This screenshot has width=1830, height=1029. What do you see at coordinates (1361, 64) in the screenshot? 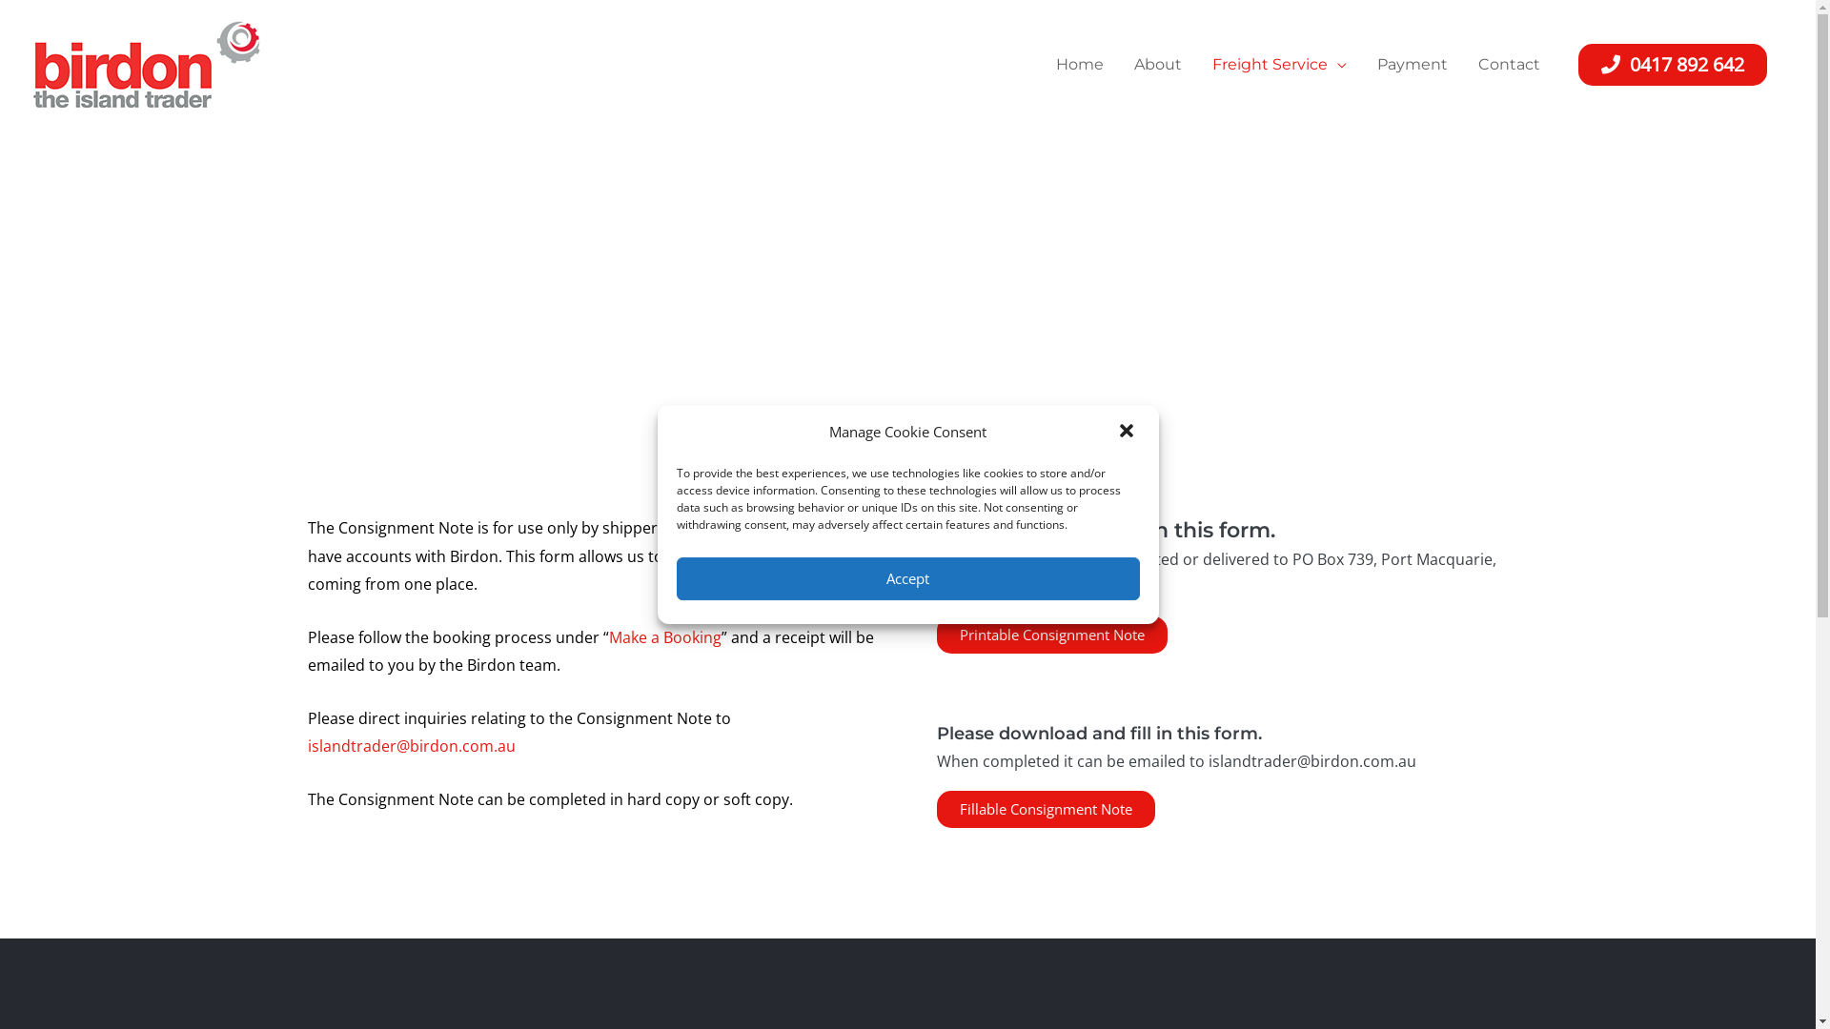
I see `'Payment'` at bounding box center [1361, 64].